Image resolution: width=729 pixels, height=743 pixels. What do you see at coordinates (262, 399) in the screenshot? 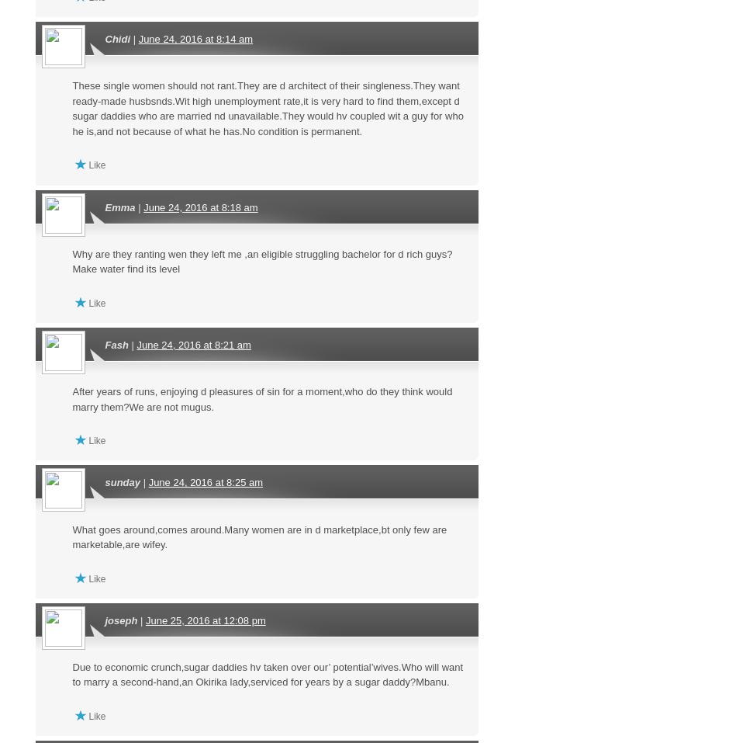
I see `'After years of runs, enjoying d pleasures of sin for a moment,who do they think would marry them?We are not mugus.'` at bounding box center [262, 399].